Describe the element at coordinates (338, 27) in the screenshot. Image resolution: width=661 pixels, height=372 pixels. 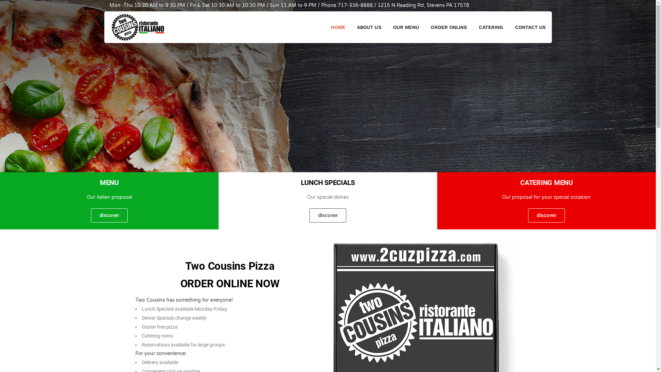
I see `'HOME'` at that location.